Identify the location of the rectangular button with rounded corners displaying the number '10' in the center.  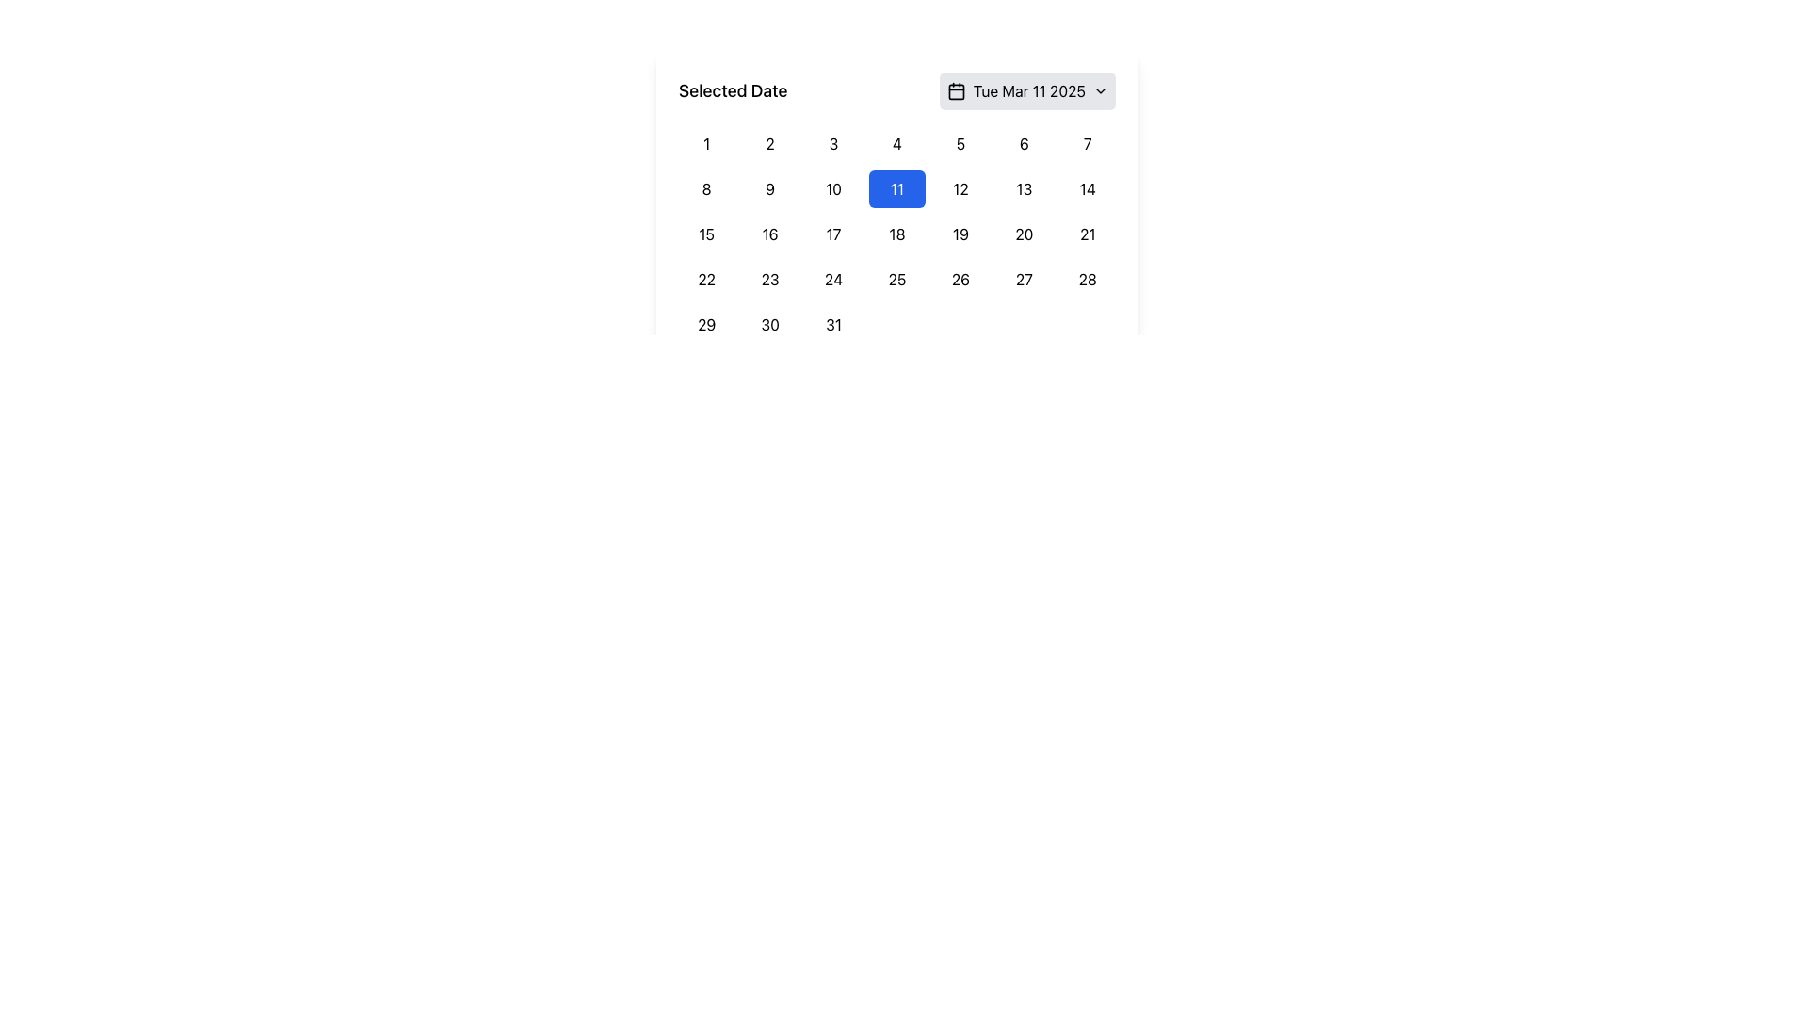
(832, 188).